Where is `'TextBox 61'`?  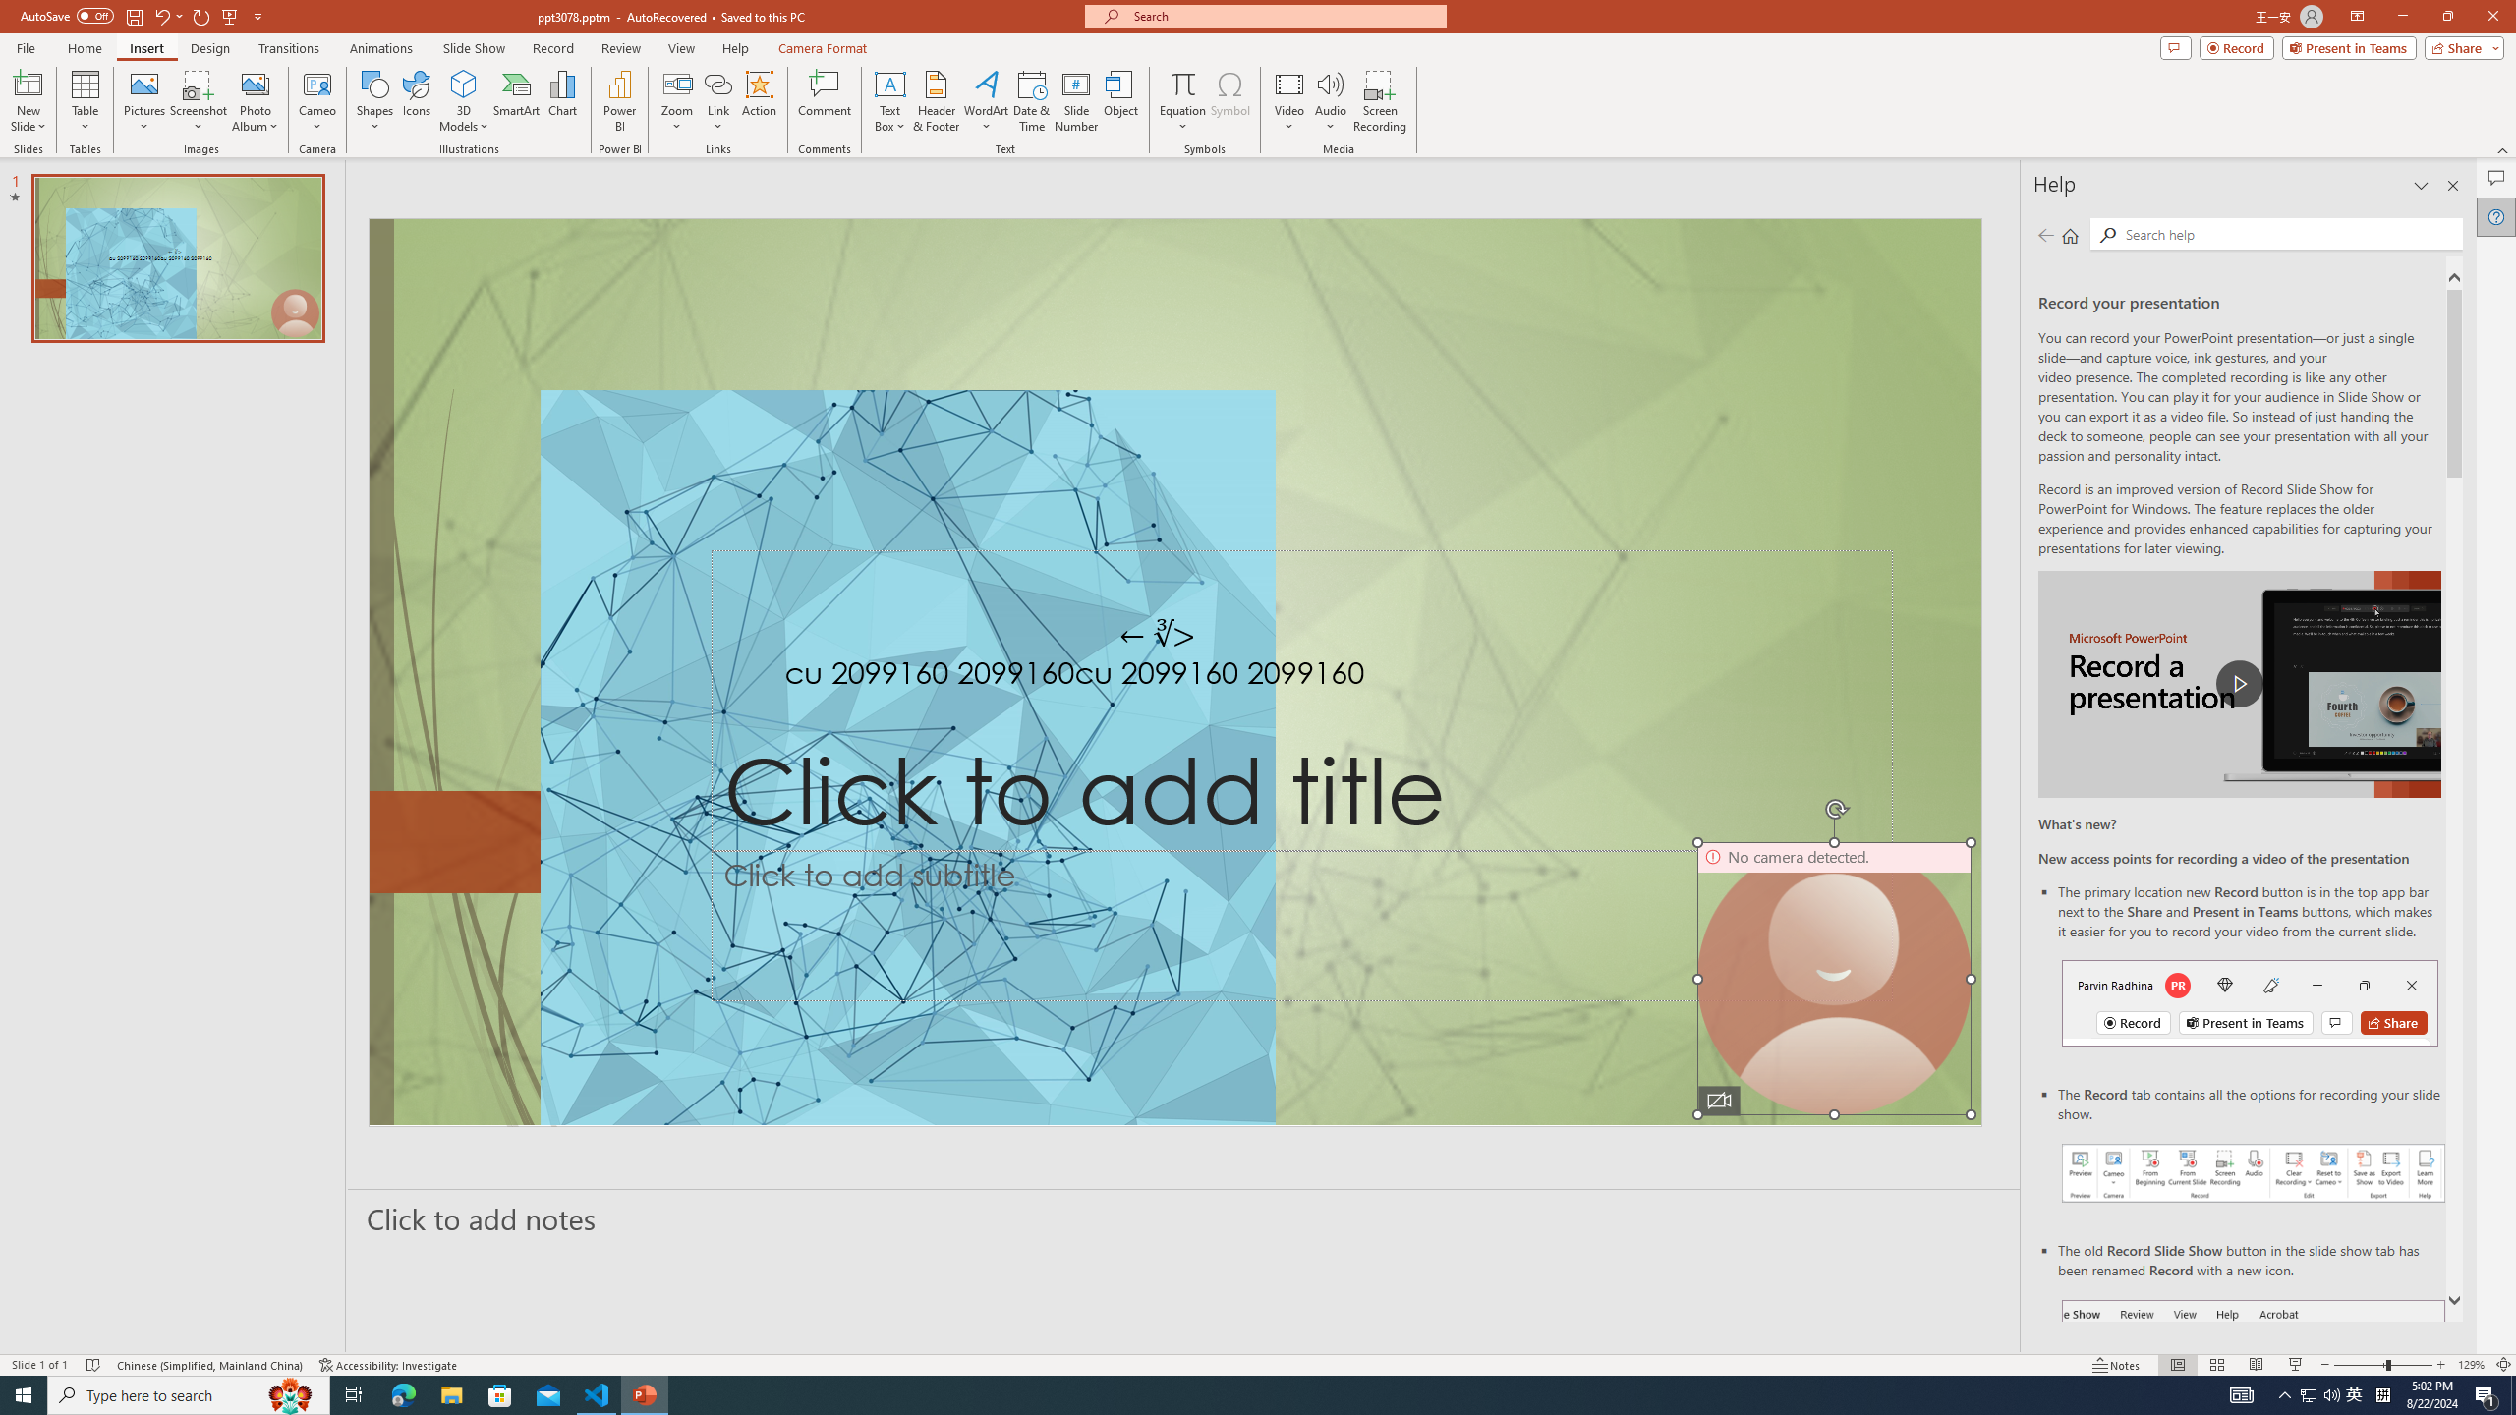 'TextBox 61' is located at coordinates (1171, 677).